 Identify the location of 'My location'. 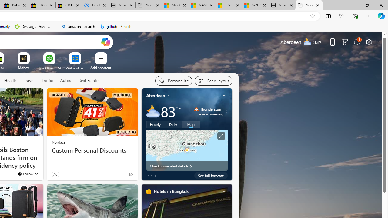
(169, 95).